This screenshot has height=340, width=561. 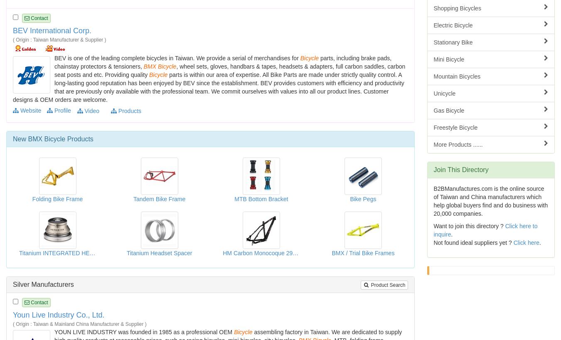 What do you see at coordinates (449, 111) in the screenshot?
I see `'Gas Bicycle'` at bounding box center [449, 111].